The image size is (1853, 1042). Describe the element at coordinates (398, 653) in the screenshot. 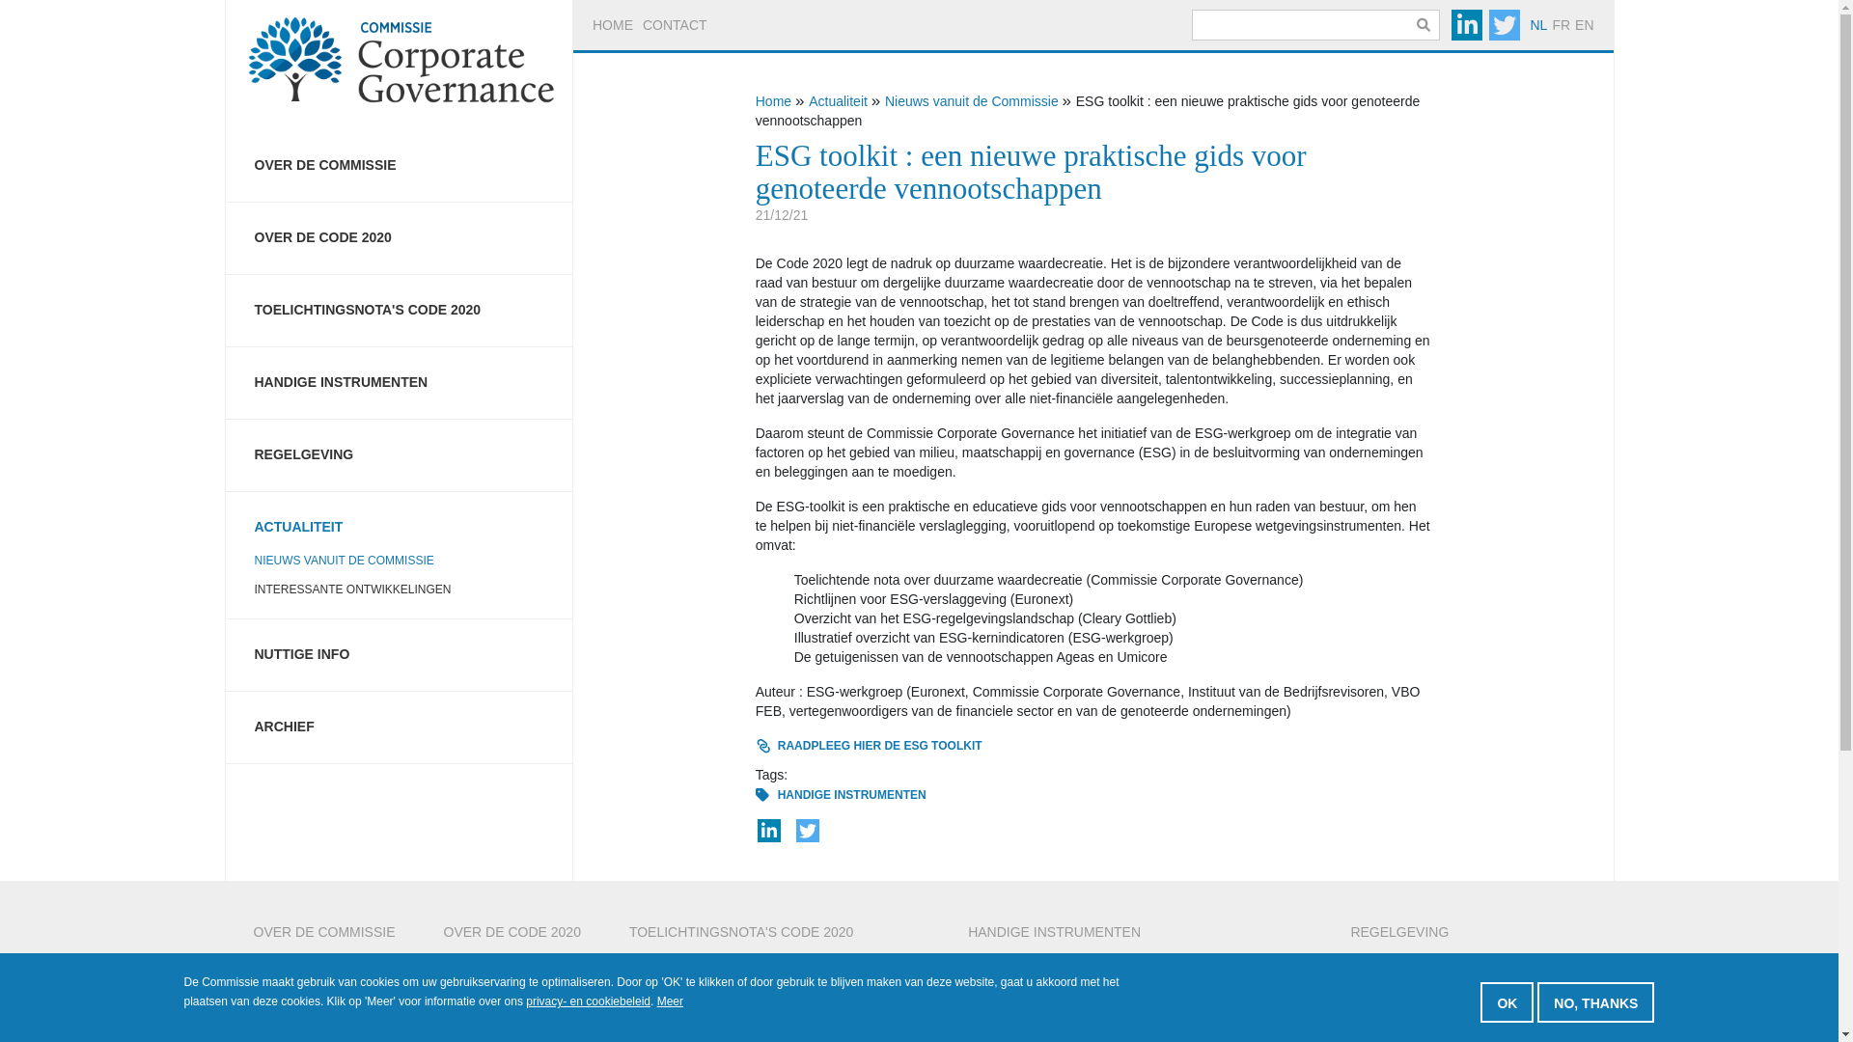

I see `'NUTTIGE INFO'` at that location.